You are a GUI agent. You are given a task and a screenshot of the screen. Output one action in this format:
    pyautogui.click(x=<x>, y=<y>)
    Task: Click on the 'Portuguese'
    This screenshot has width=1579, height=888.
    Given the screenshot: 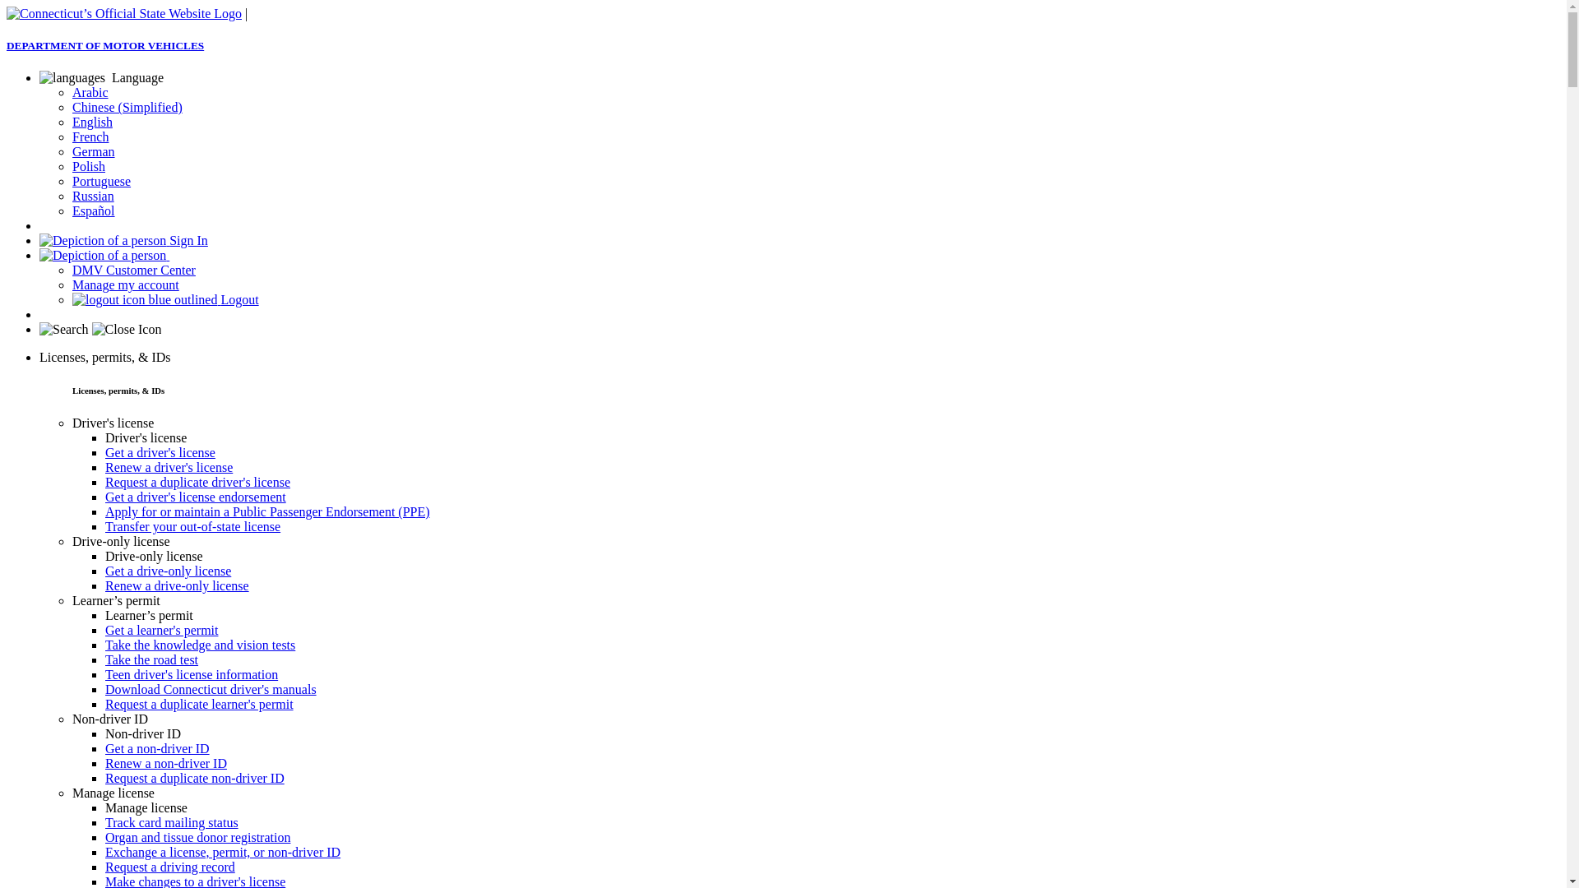 What is the action you would take?
    pyautogui.click(x=100, y=181)
    